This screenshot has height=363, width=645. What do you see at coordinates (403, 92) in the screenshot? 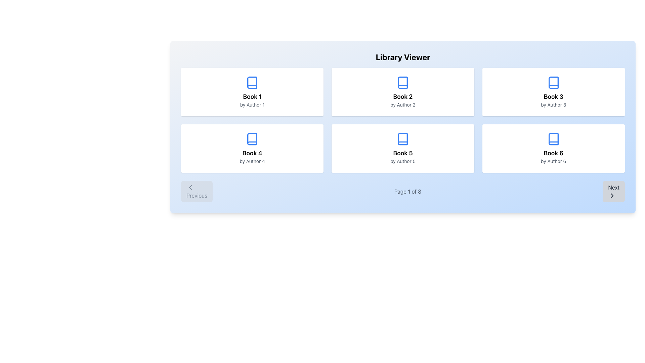
I see `the second book card in the library viewer interface` at bounding box center [403, 92].